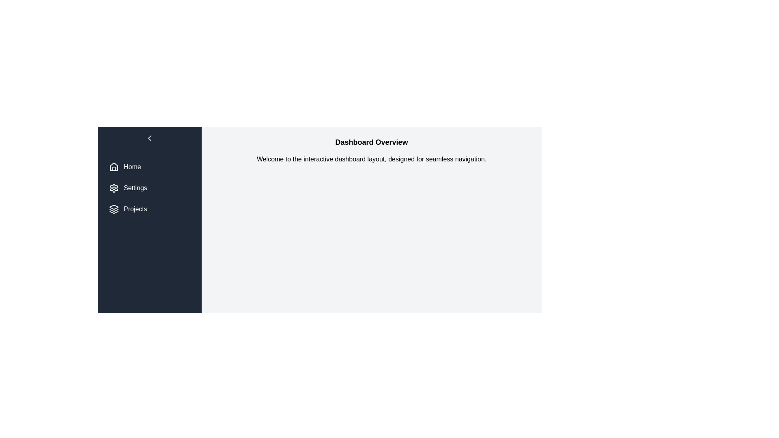  What do you see at coordinates (371, 142) in the screenshot?
I see `text of the title label located at the top center of the section, which helps users identify their current location in the interface` at bounding box center [371, 142].